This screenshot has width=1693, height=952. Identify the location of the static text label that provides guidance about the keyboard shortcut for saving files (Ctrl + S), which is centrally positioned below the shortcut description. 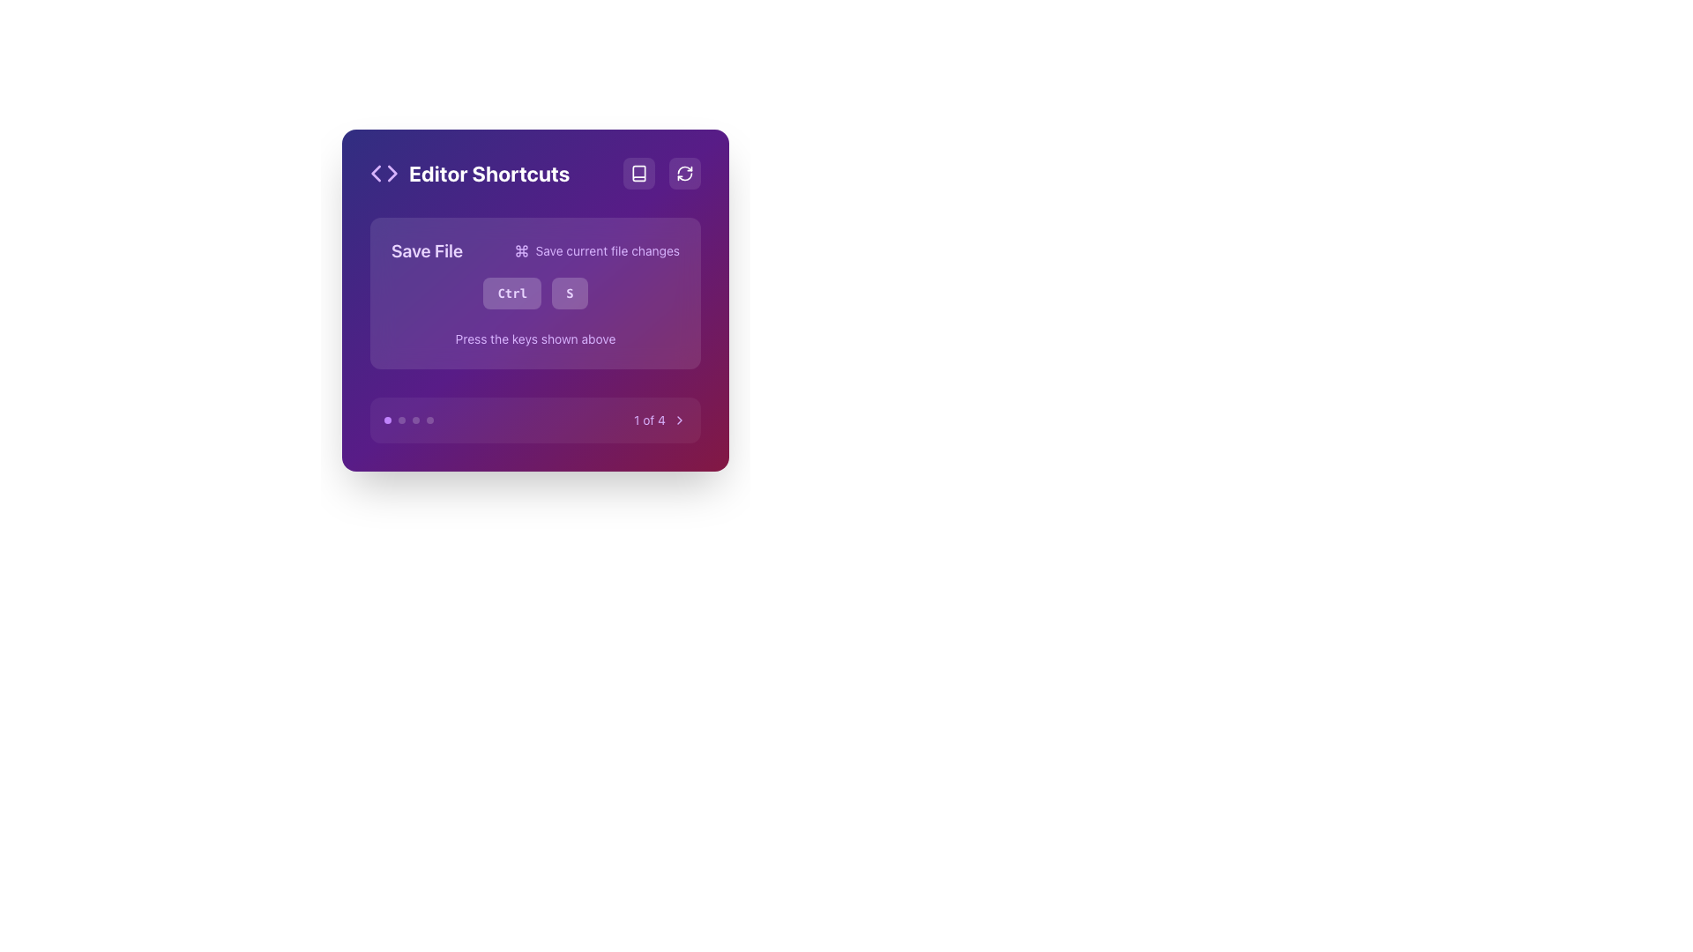
(534, 339).